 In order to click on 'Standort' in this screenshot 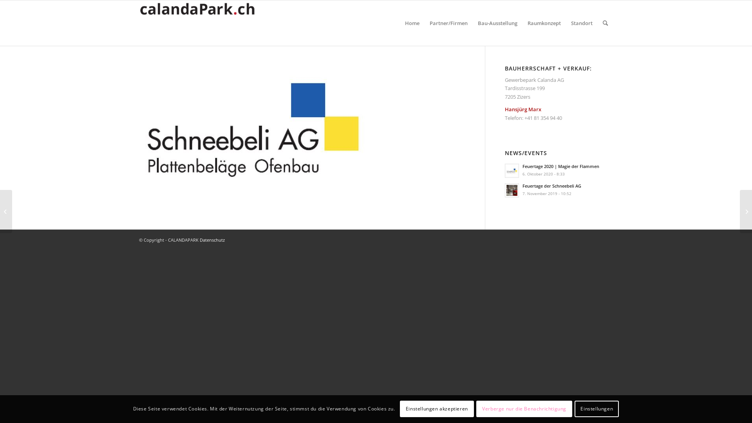, I will do `click(582, 22)`.